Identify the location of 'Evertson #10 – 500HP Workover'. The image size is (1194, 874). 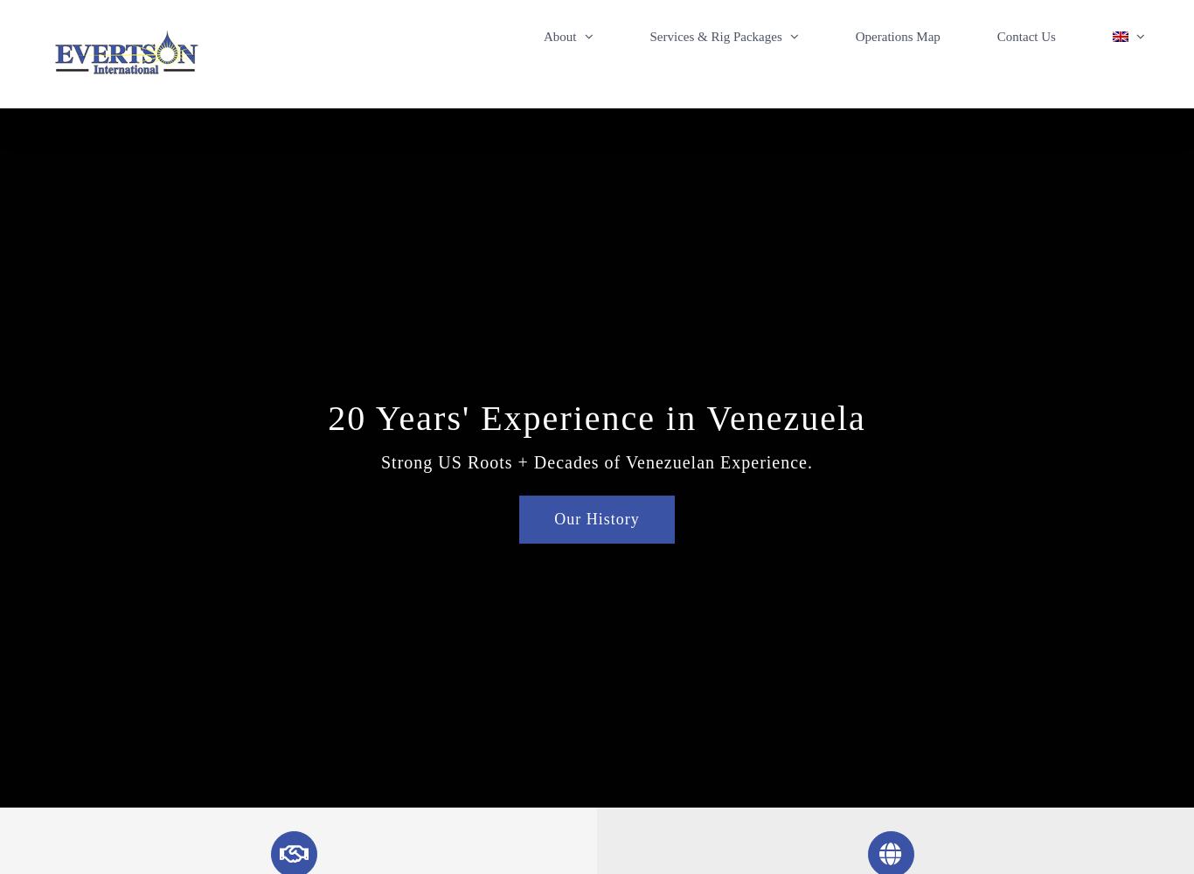
(667, 278).